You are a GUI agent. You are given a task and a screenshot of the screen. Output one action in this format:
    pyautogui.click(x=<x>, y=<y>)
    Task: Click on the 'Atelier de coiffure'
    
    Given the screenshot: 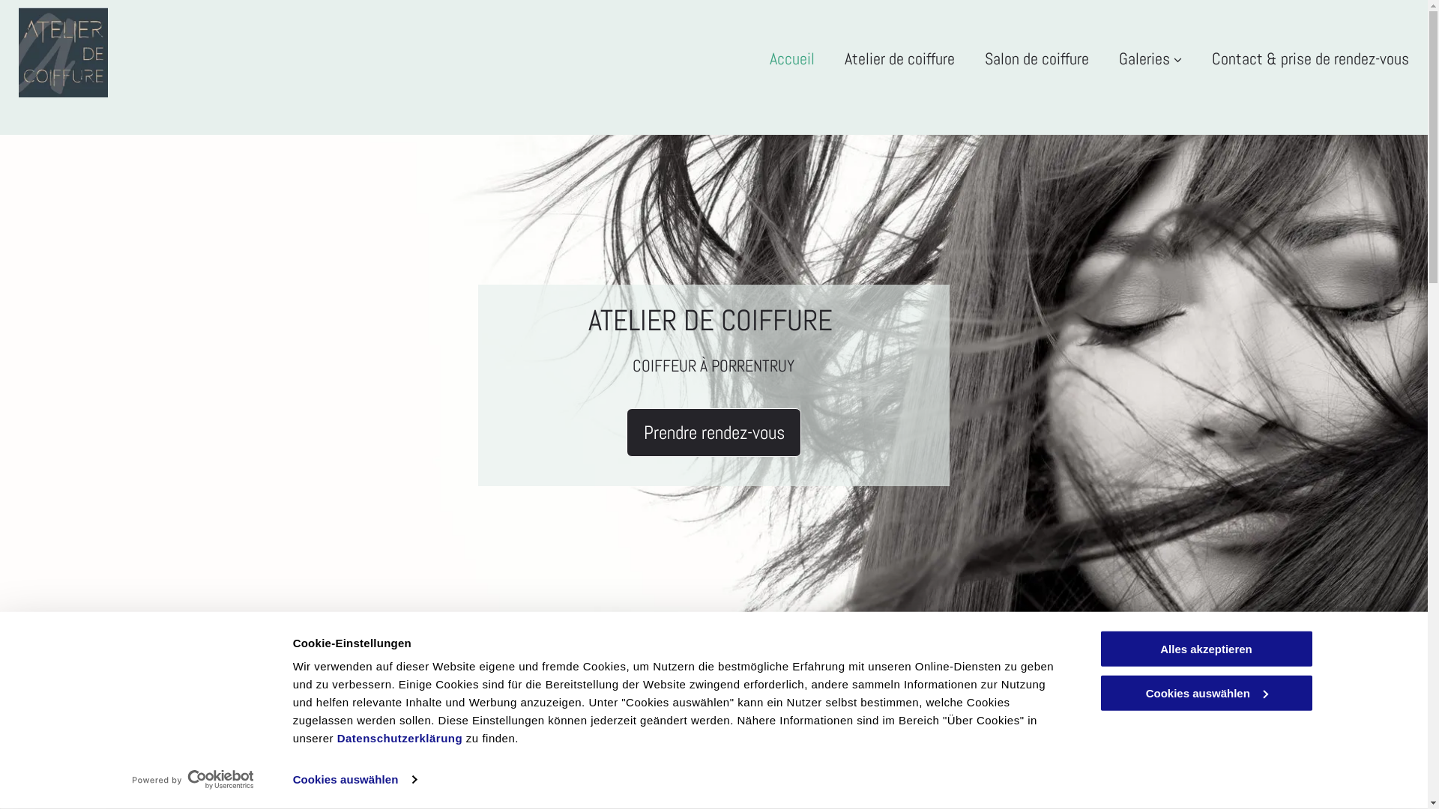 What is the action you would take?
    pyautogui.click(x=899, y=56)
    